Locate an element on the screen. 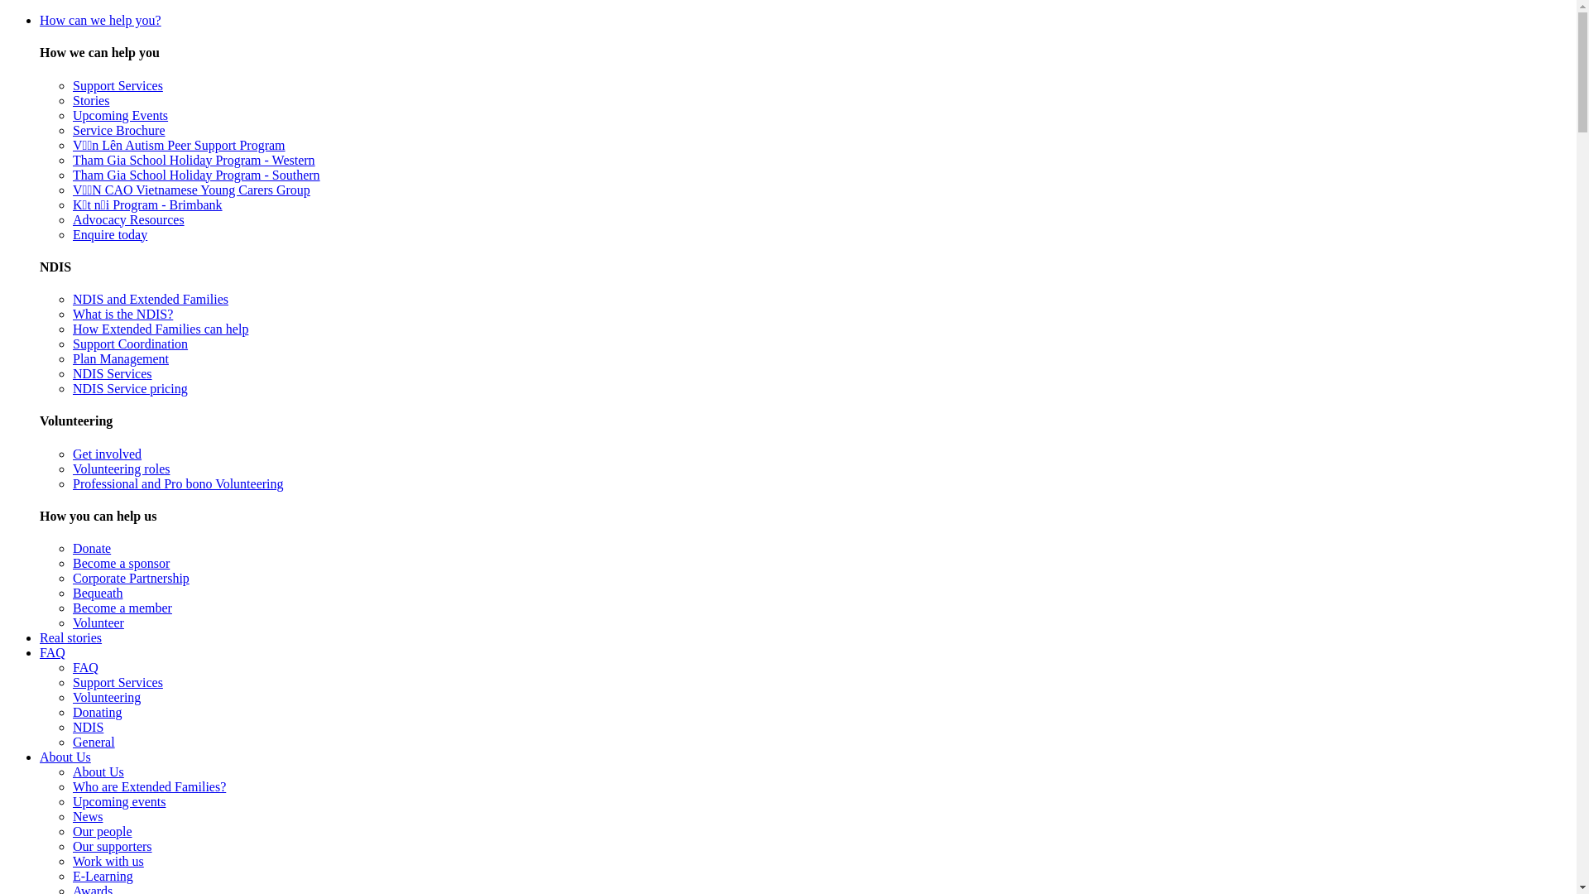 The width and height of the screenshot is (1589, 894). 'Get involved' is located at coordinates (71, 454).